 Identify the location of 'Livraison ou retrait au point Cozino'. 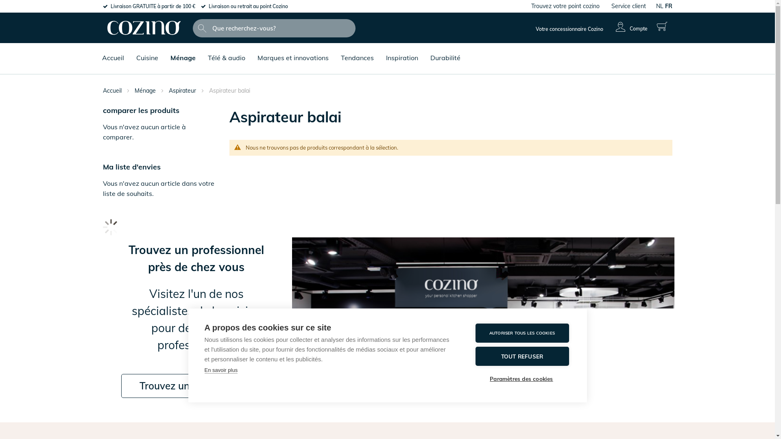
(247, 6).